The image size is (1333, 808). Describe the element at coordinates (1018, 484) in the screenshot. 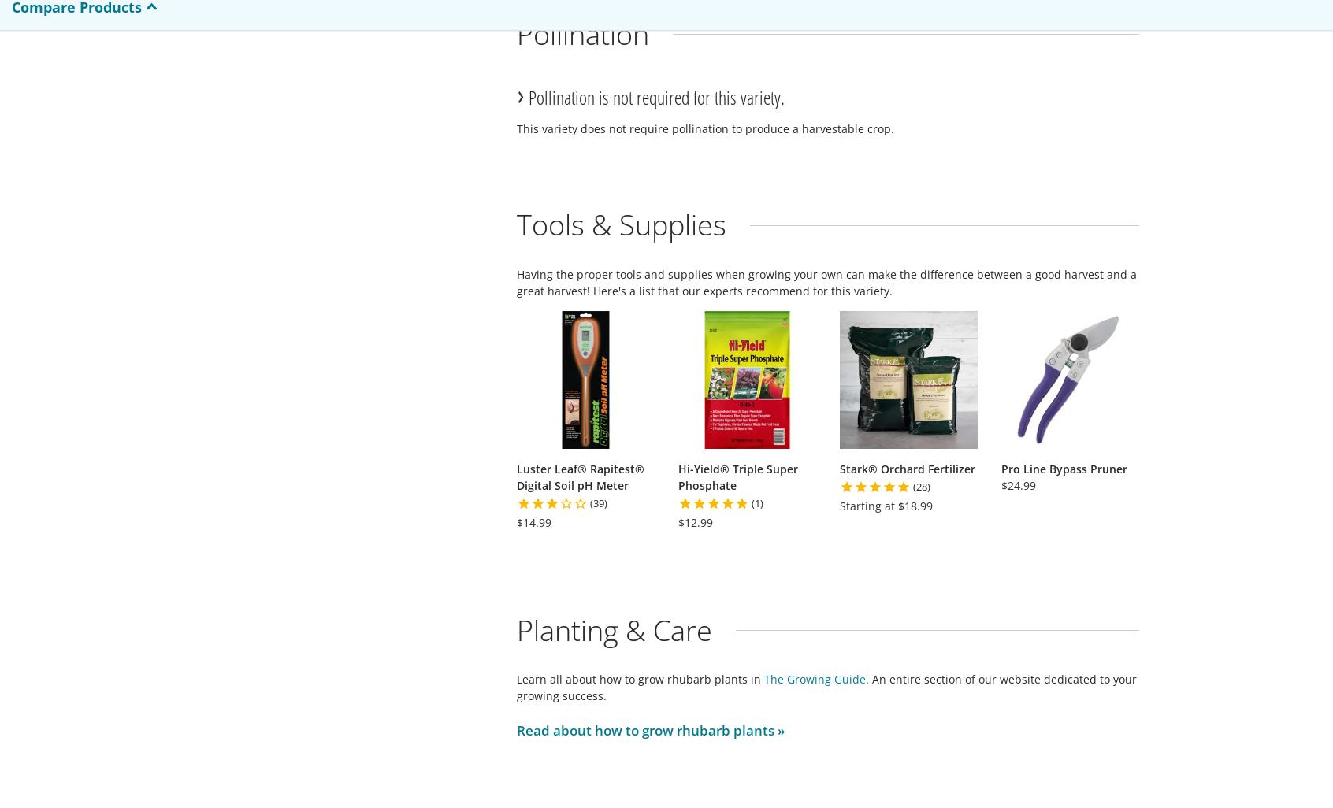

I see `'$24.99'` at that location.